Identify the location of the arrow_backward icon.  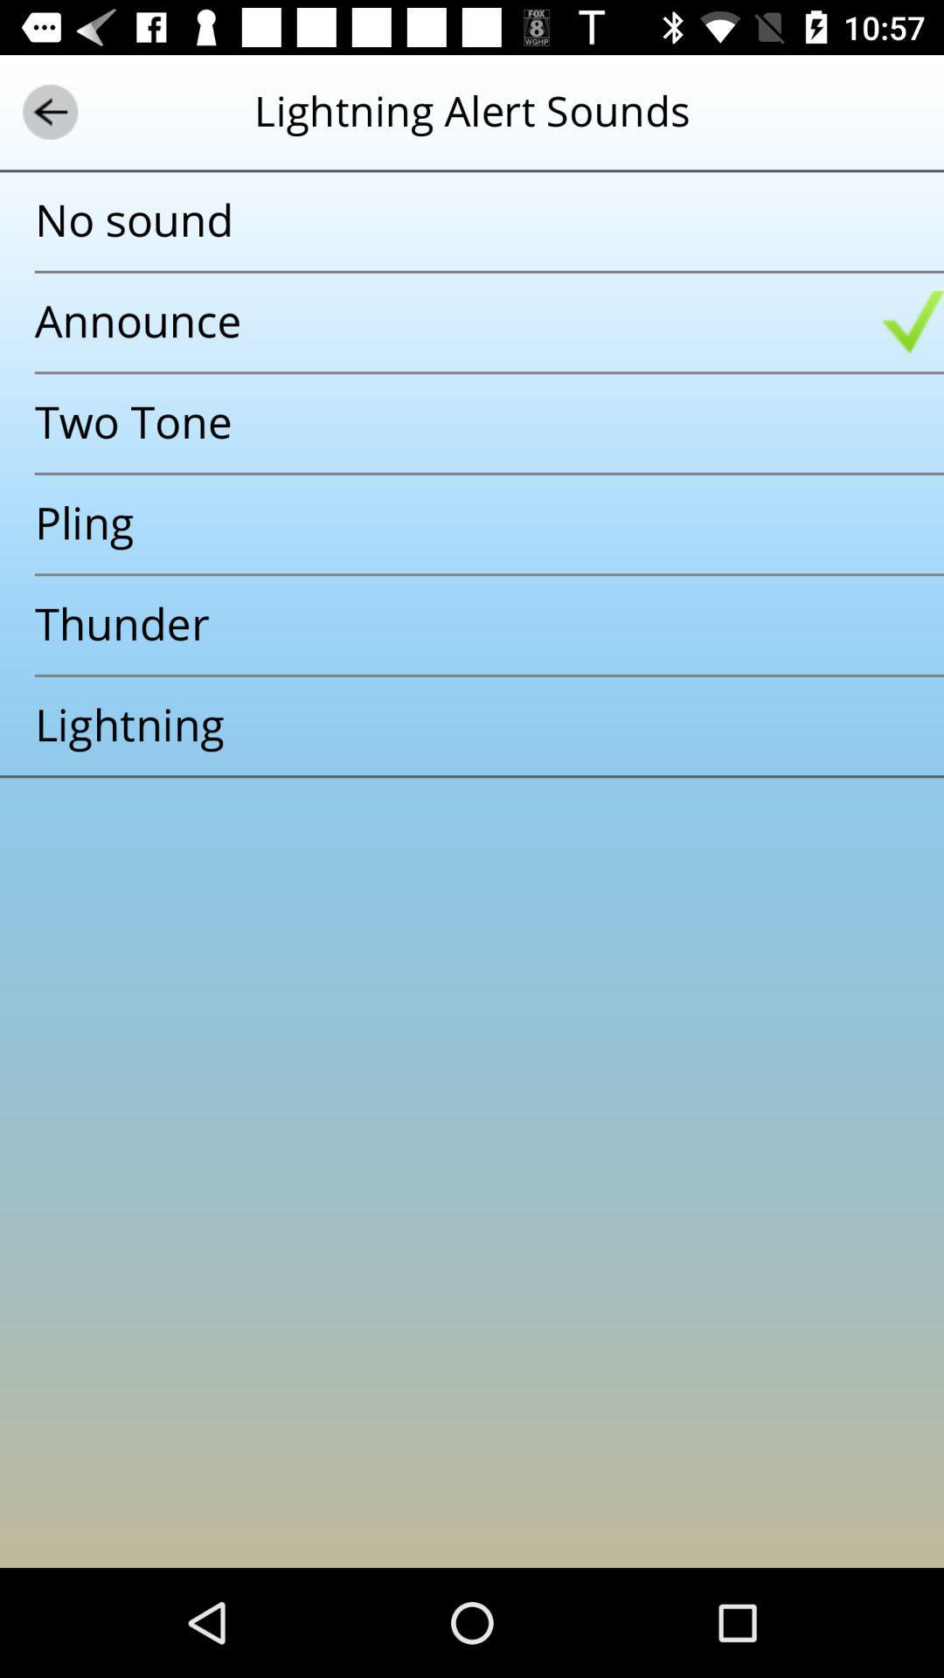
(49, 111).